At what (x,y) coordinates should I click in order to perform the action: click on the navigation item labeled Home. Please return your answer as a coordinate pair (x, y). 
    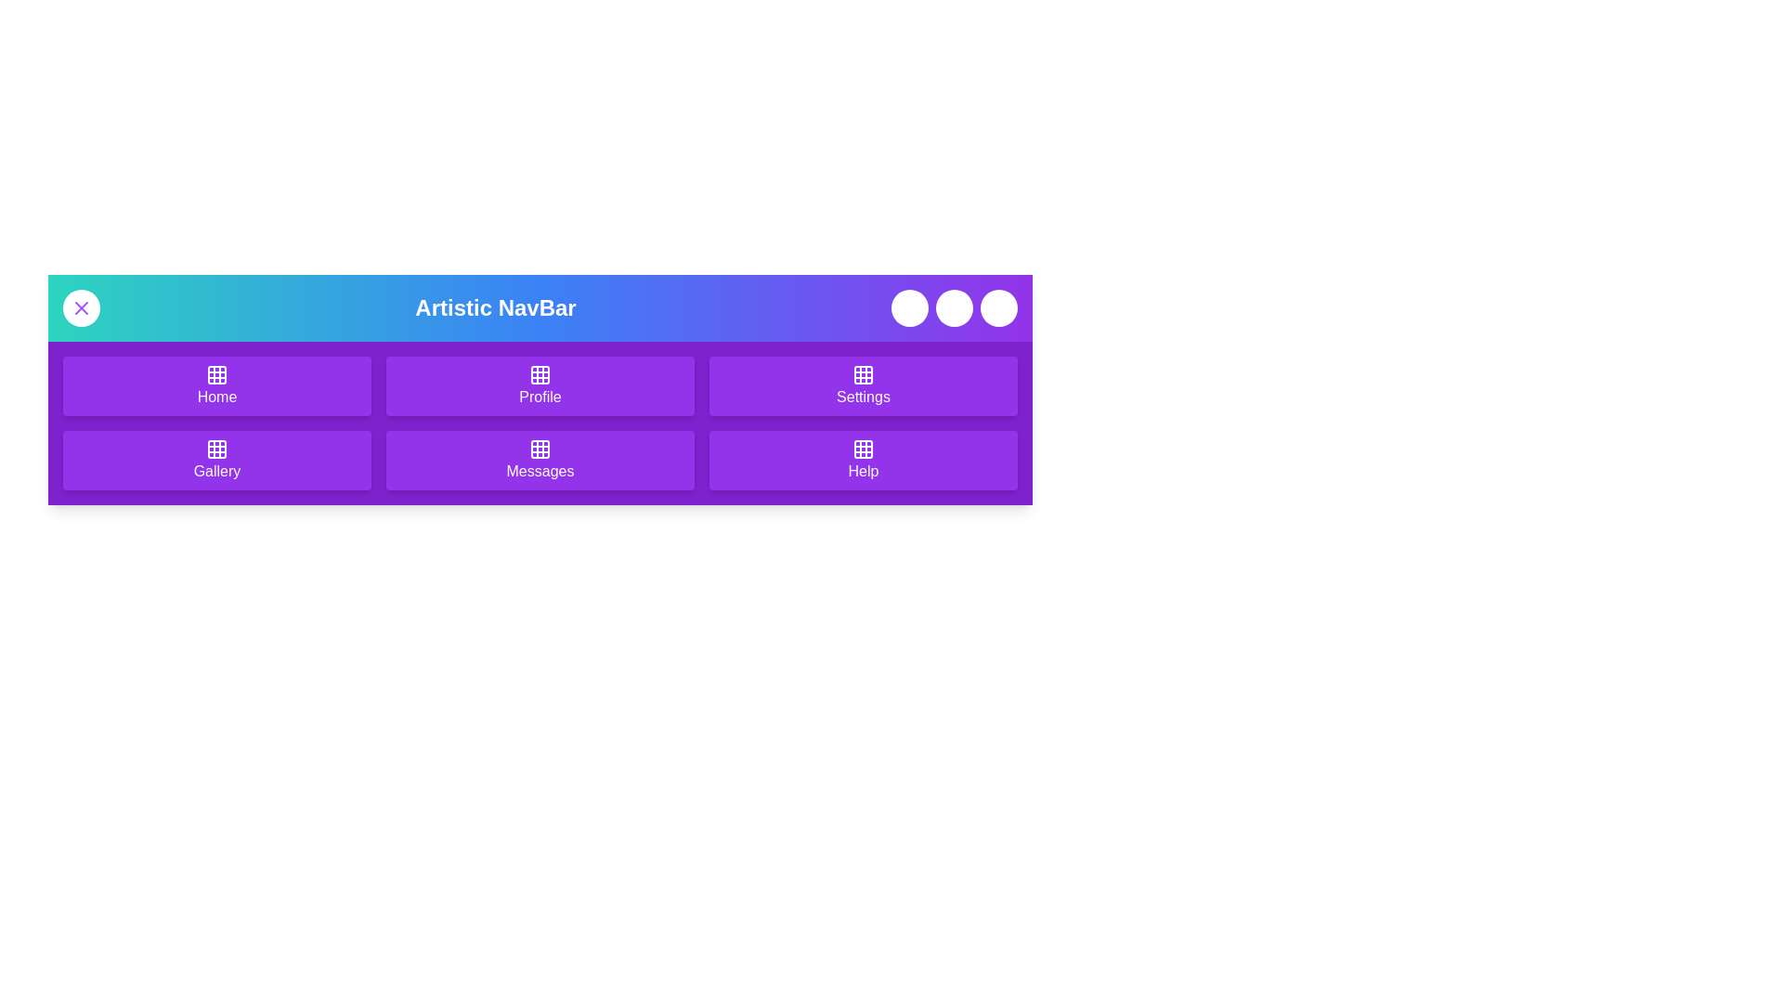
    Looking at the image, I should click on (217, 385).